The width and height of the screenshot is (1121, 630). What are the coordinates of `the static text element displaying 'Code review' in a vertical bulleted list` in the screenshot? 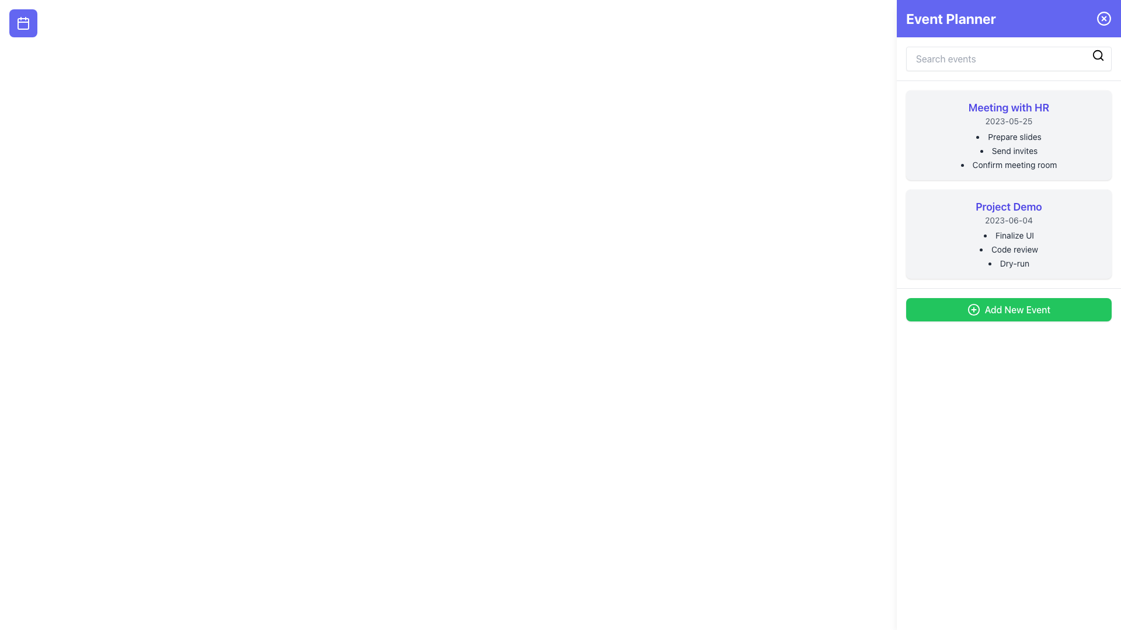 It's located at (1008, 249).